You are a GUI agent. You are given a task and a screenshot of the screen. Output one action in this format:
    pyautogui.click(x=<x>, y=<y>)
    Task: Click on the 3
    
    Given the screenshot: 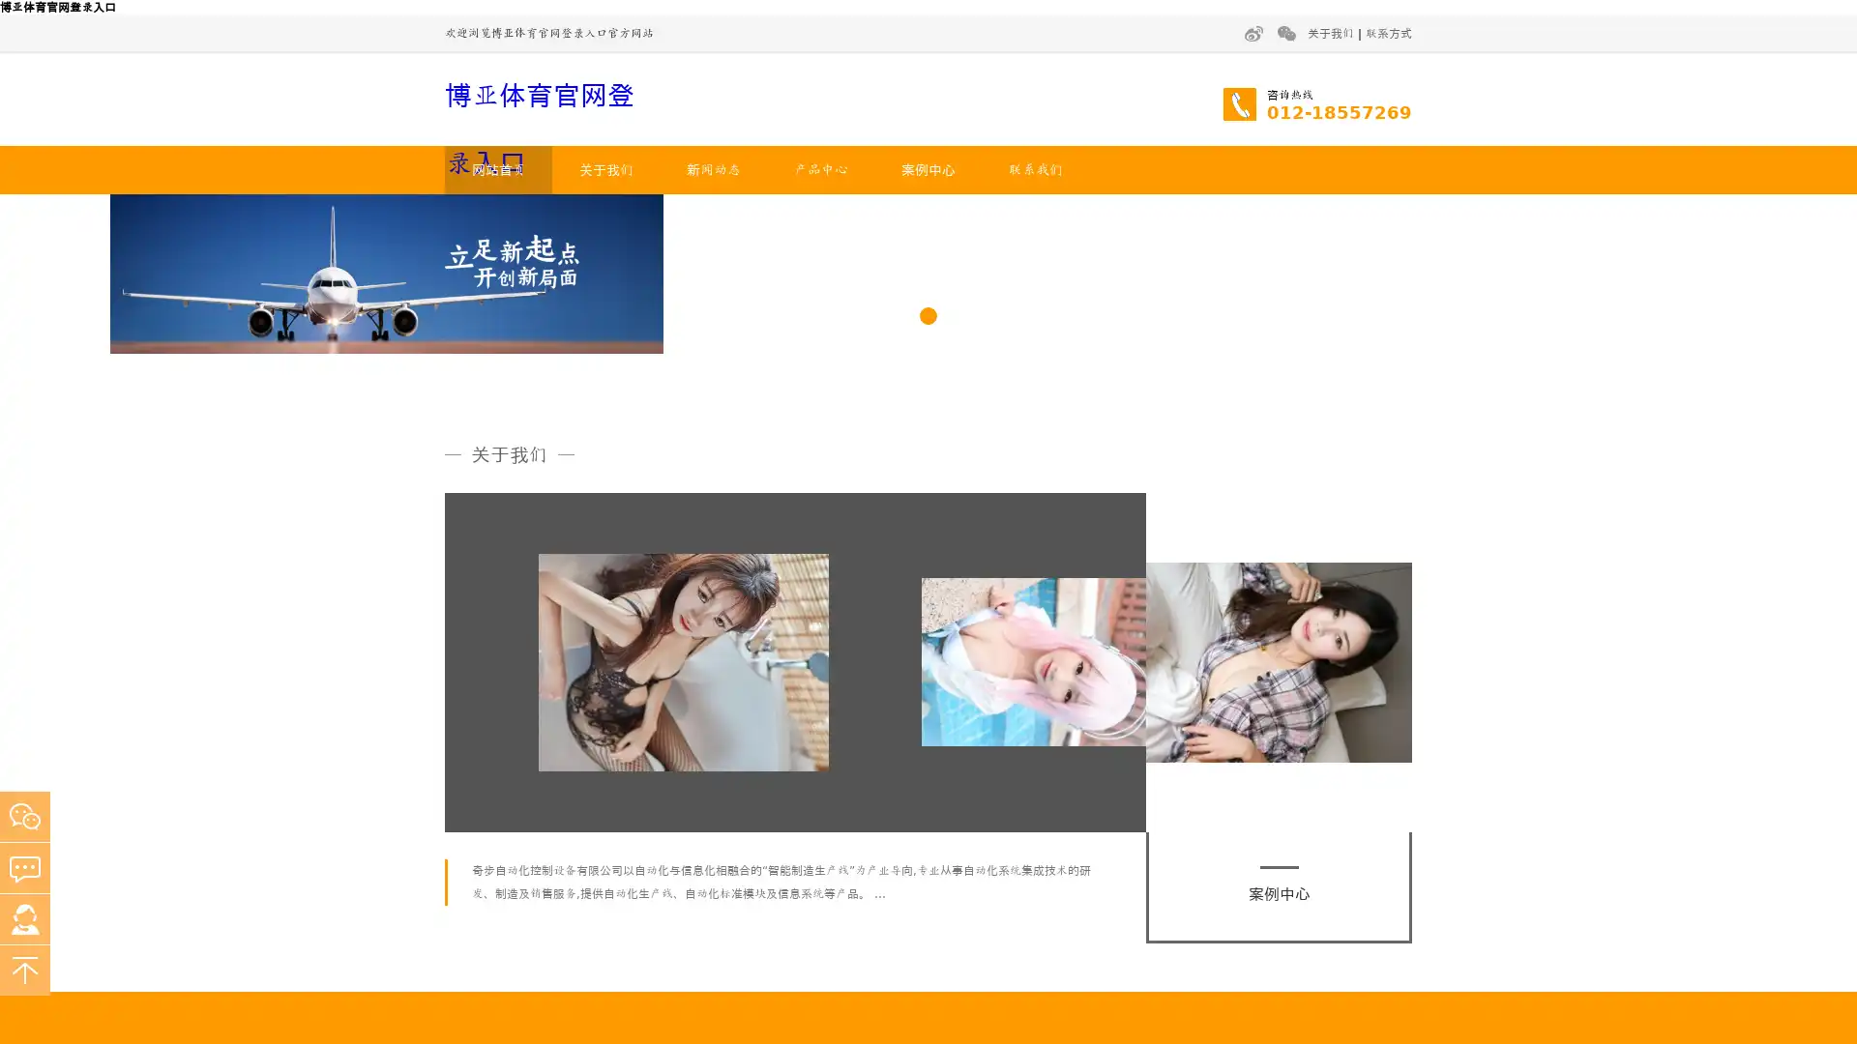 What is the action you would take?
    pyautogui.click(x=957, y=537)
    